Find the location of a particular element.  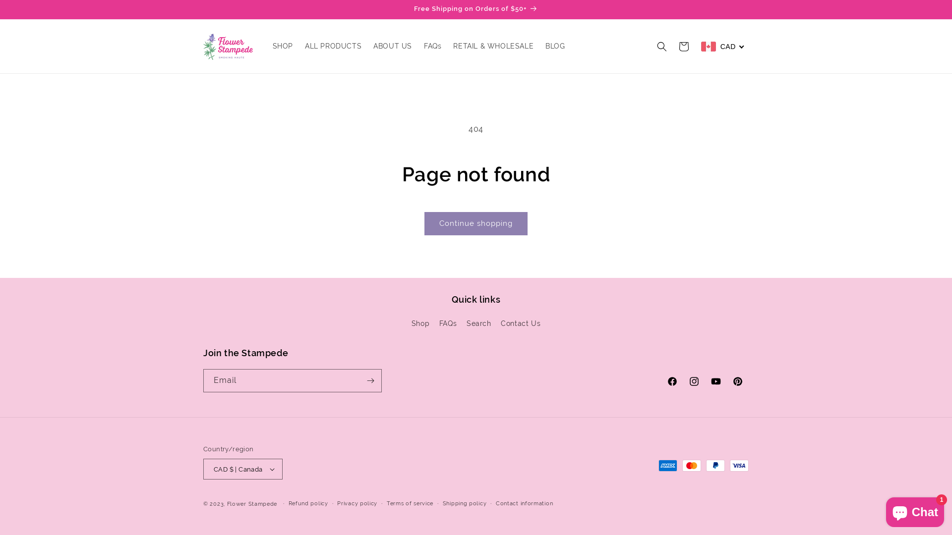

'Continue shopping' is located at coordinates (476, 223).